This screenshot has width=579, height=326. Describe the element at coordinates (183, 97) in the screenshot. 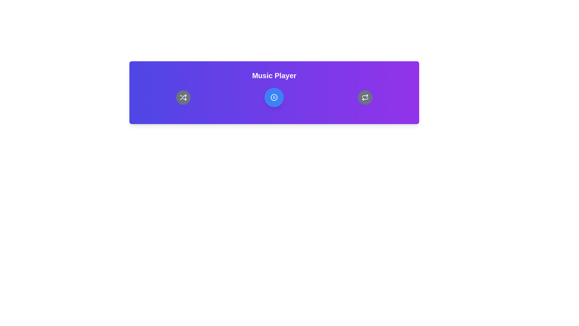

I see `the circular gray shuffle button with a white shuffle icon` at that location.